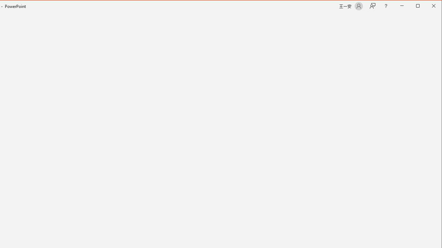 The height and width of the screenshot is (248, 442). What do you see at coordinates (427, 7) in the screenshot?
I see `'Maximize'` at bounding box center [427, 7].